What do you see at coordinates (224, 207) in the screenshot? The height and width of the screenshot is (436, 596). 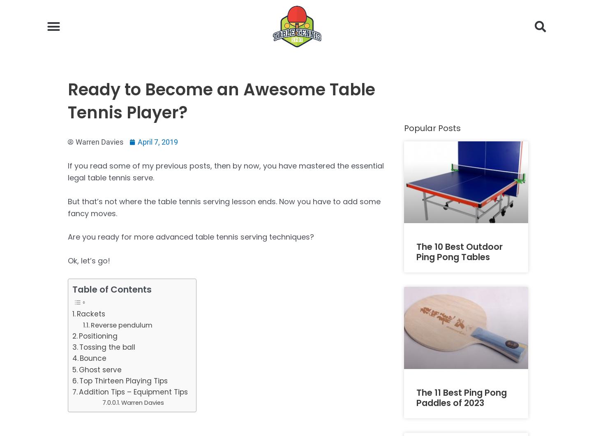 I see `'But that’s not where the table tennis serving lesson ends. Now you have to add some fancy moves.'` at bounding box center [224, 207].